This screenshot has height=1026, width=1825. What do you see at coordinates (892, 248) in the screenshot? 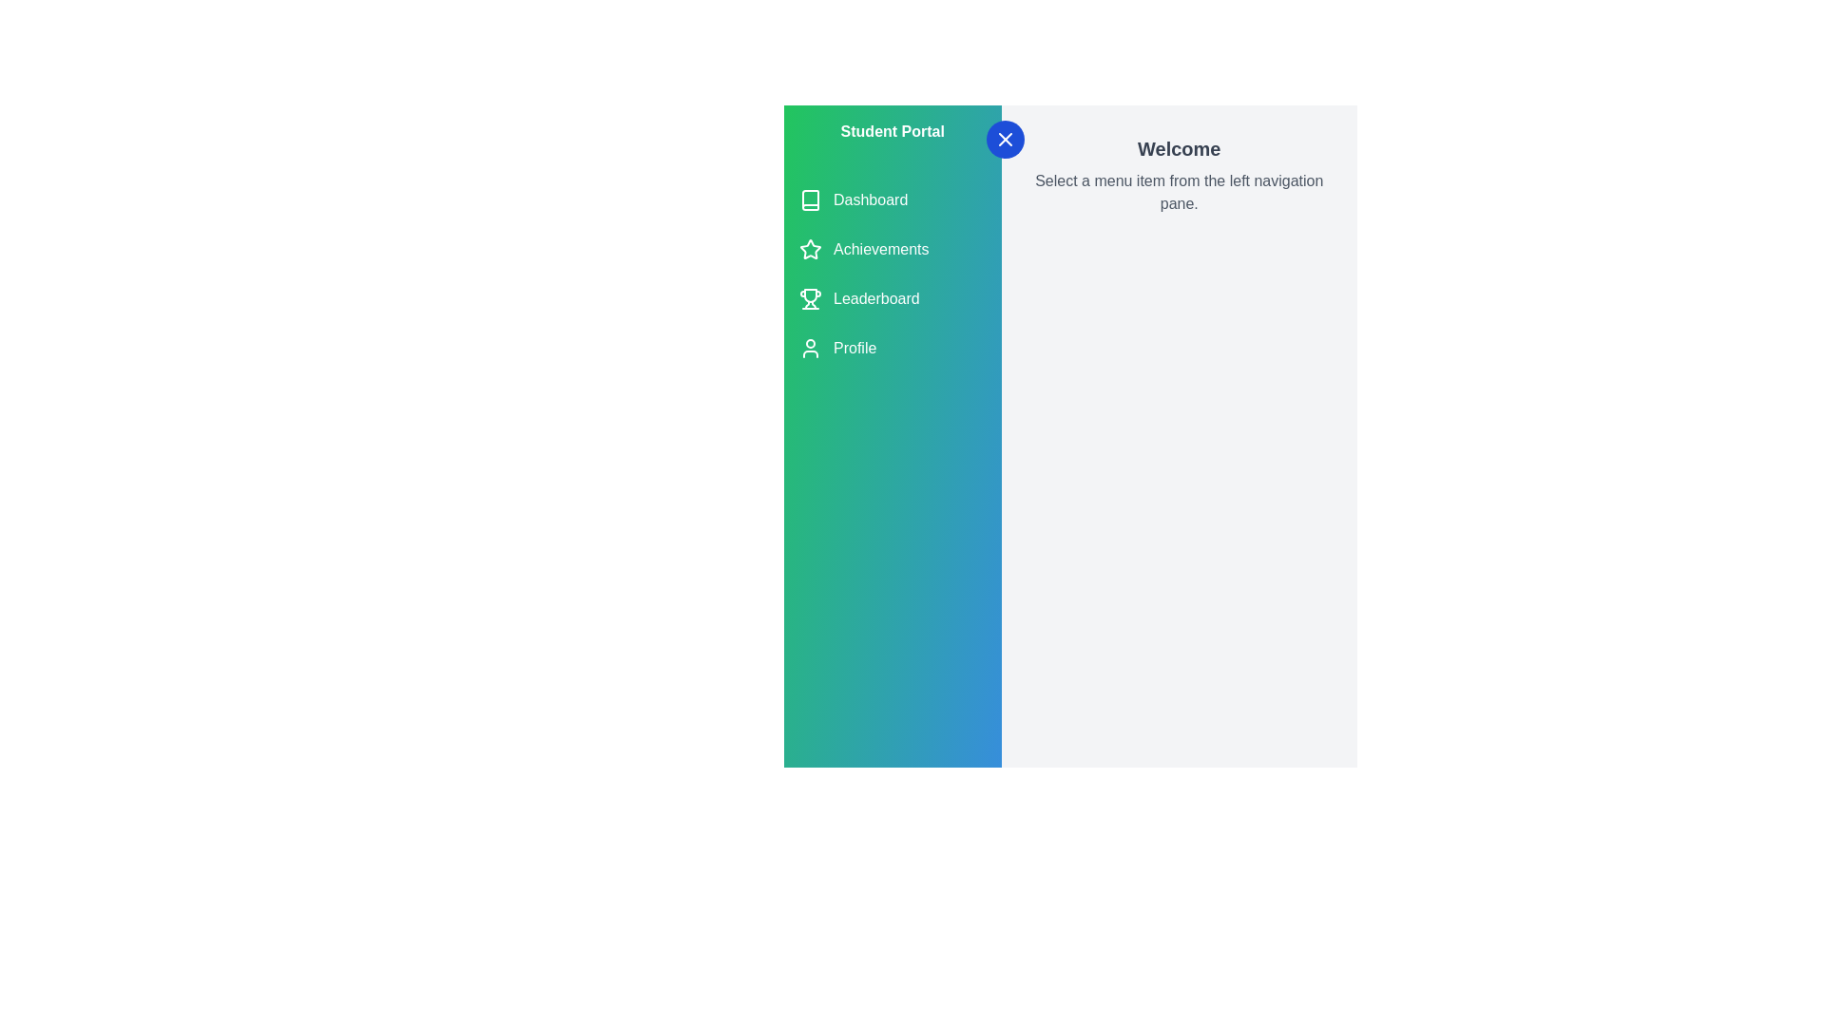
I see `the menu item Achievements to observe visual feedback` at bounding box center [892, 248].